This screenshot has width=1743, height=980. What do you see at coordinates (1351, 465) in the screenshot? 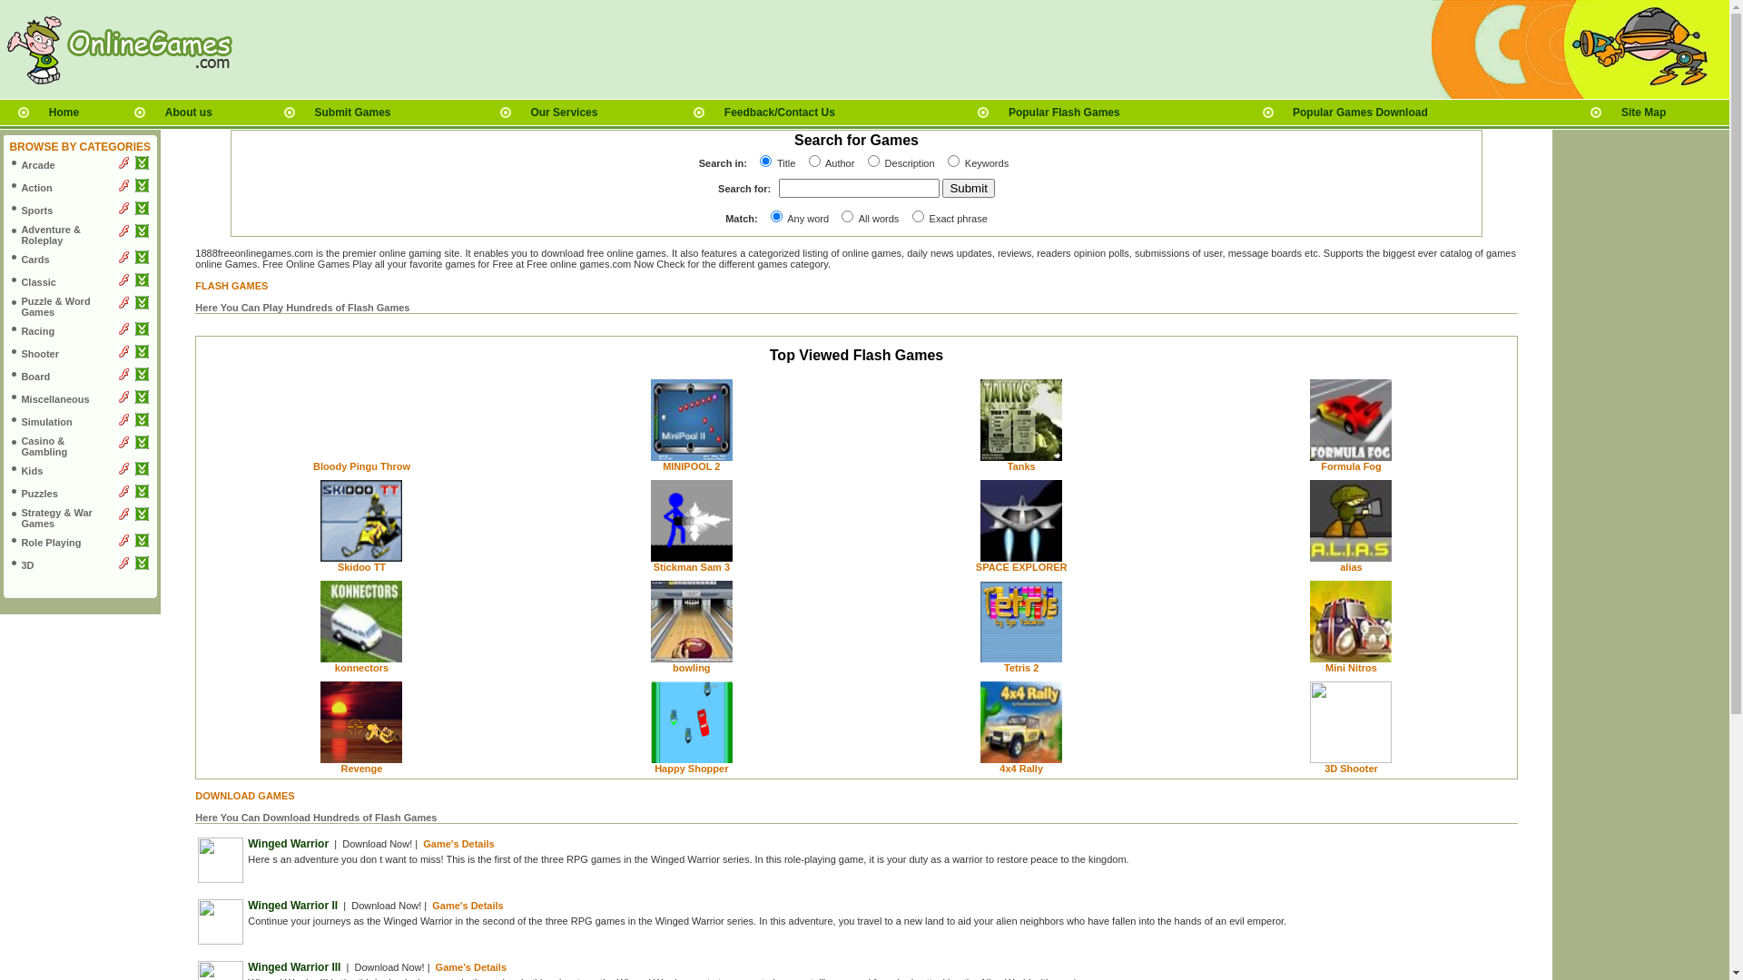
I see `'Formula Fog'` at bounding box center [1351, 465].